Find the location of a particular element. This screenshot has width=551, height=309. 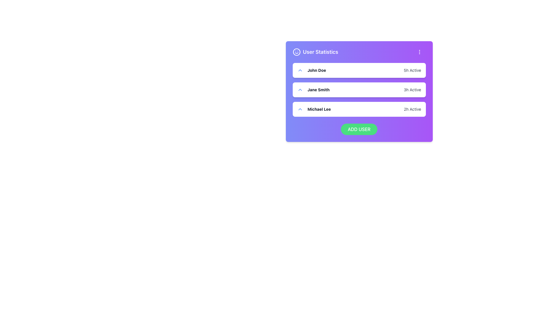

the button located at the bottom center of the 'User Statistics' card is located at coordinates (359, 129).